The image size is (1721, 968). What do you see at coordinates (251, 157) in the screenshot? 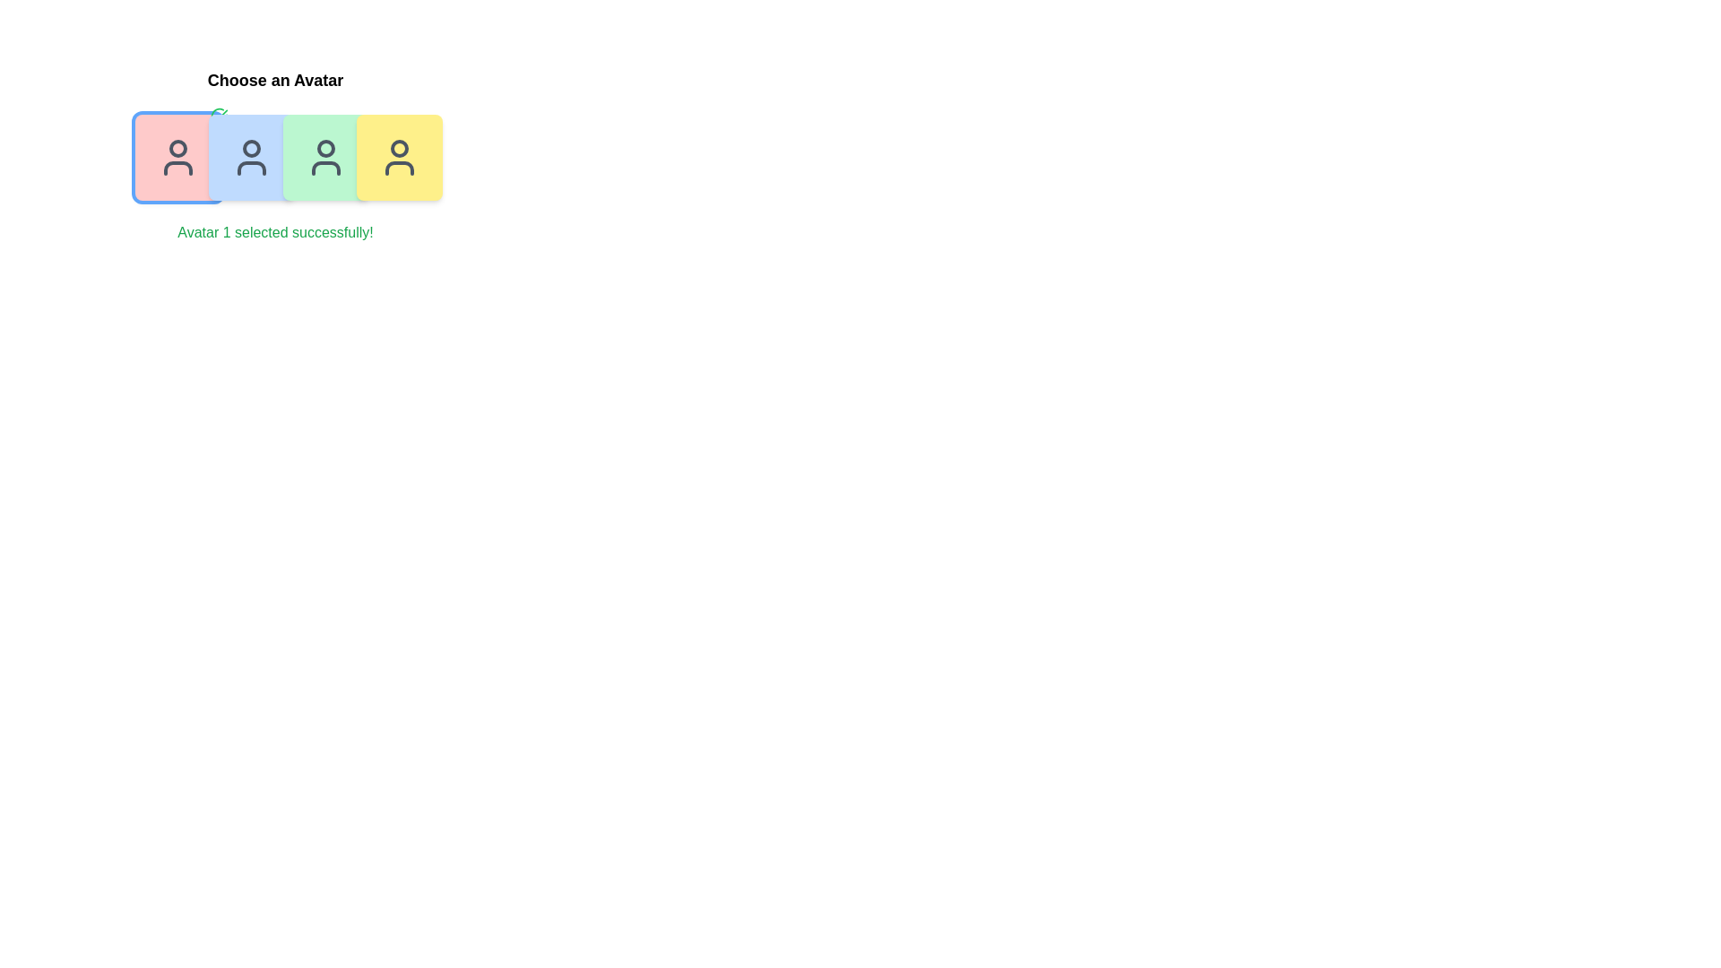
I see `the second tile in the row of avatar representation` at bounding box center [251, 157].